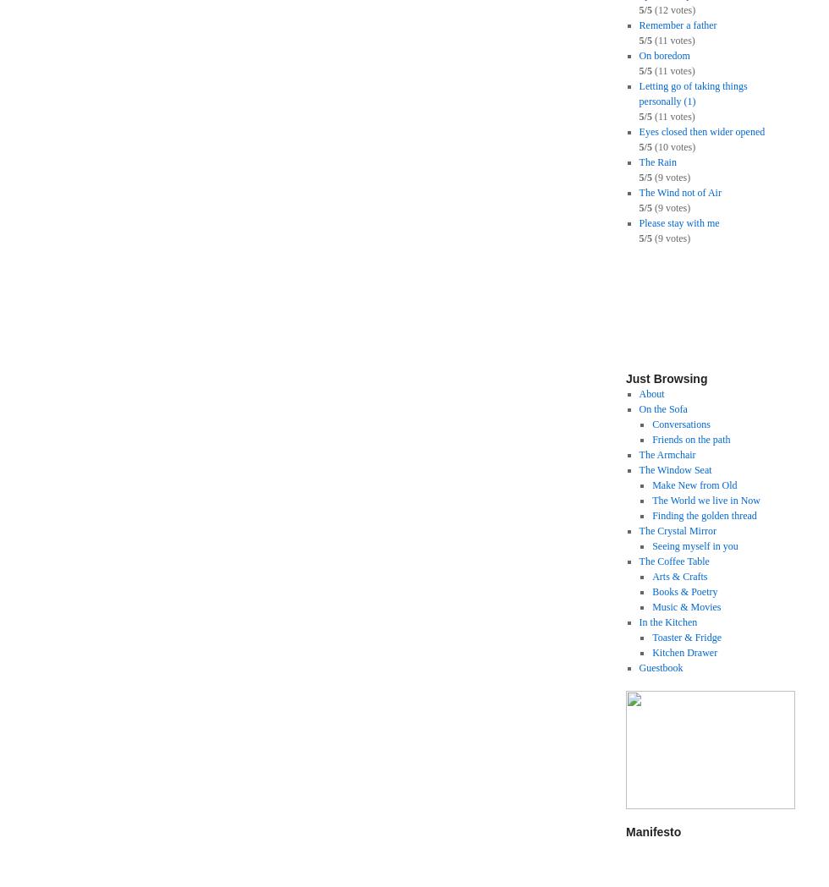 The height and width of the screenshot is (887, 829). I want to click on 'Seeing myself in you', so click(694, 545).